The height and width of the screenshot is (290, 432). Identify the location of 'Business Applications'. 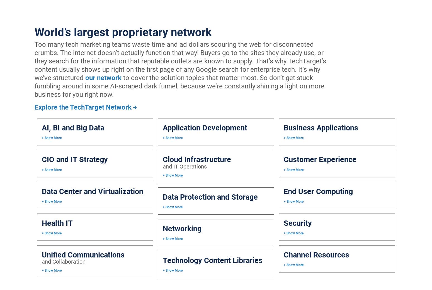
(283, 127).